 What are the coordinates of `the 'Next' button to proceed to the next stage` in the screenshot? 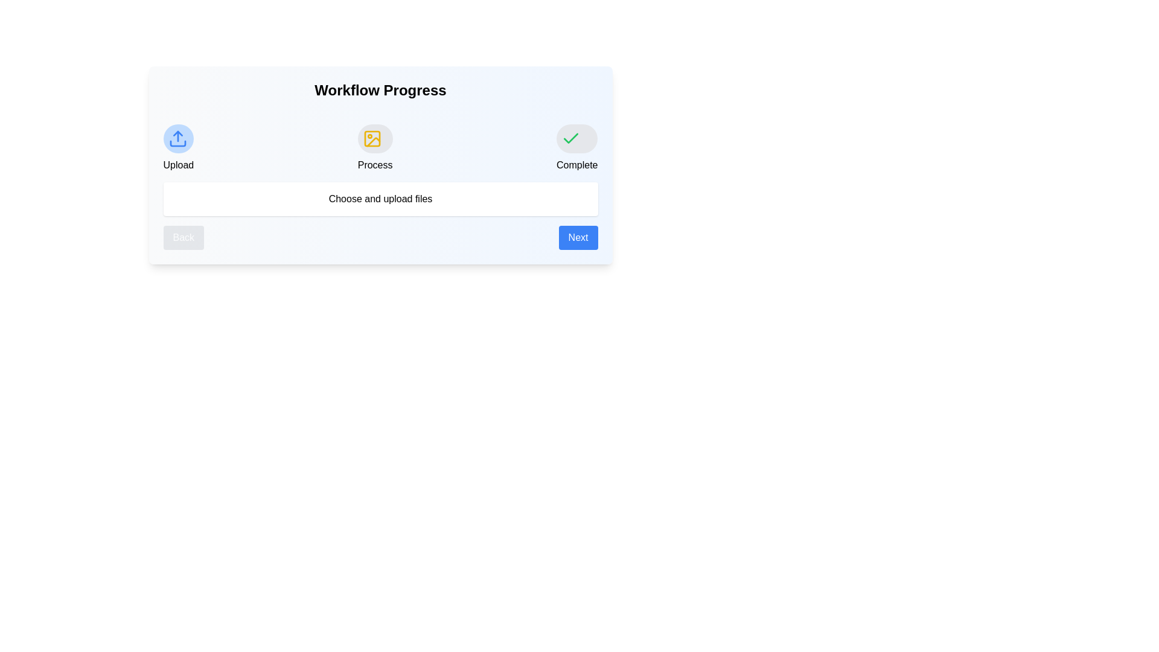 It's located at (578, 237).